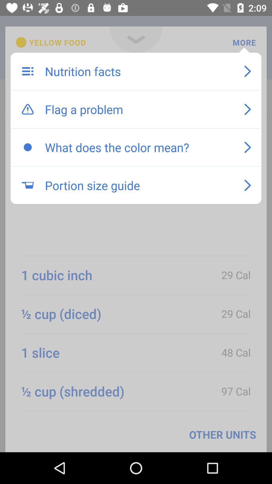 This screenshot has width=272, height=484. I want to click on the portion size guide item, so click(139, 185).